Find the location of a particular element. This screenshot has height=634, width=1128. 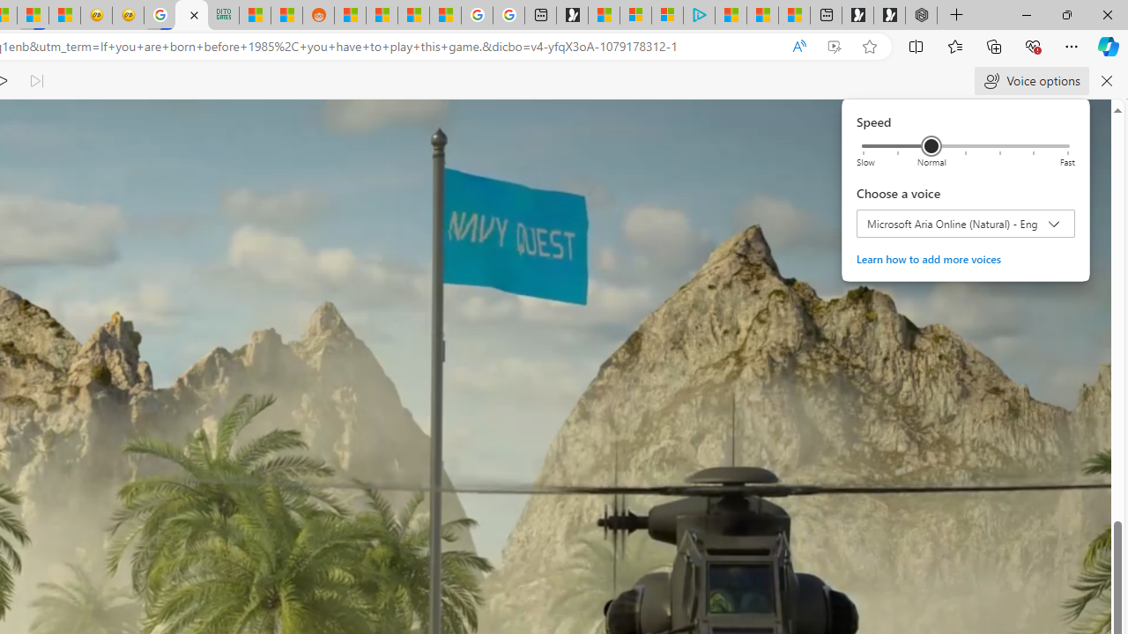

'Microsoft Start Gaming' is located at coordinates (572, 15).